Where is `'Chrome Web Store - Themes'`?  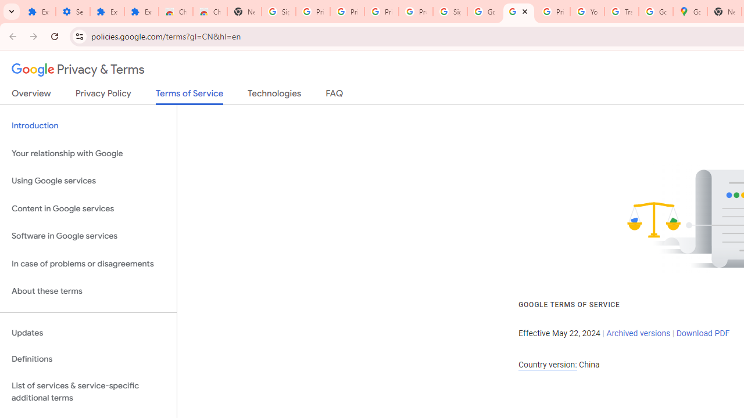 'Chrome Web Store - Themes' is located at coordinates (209, 12).